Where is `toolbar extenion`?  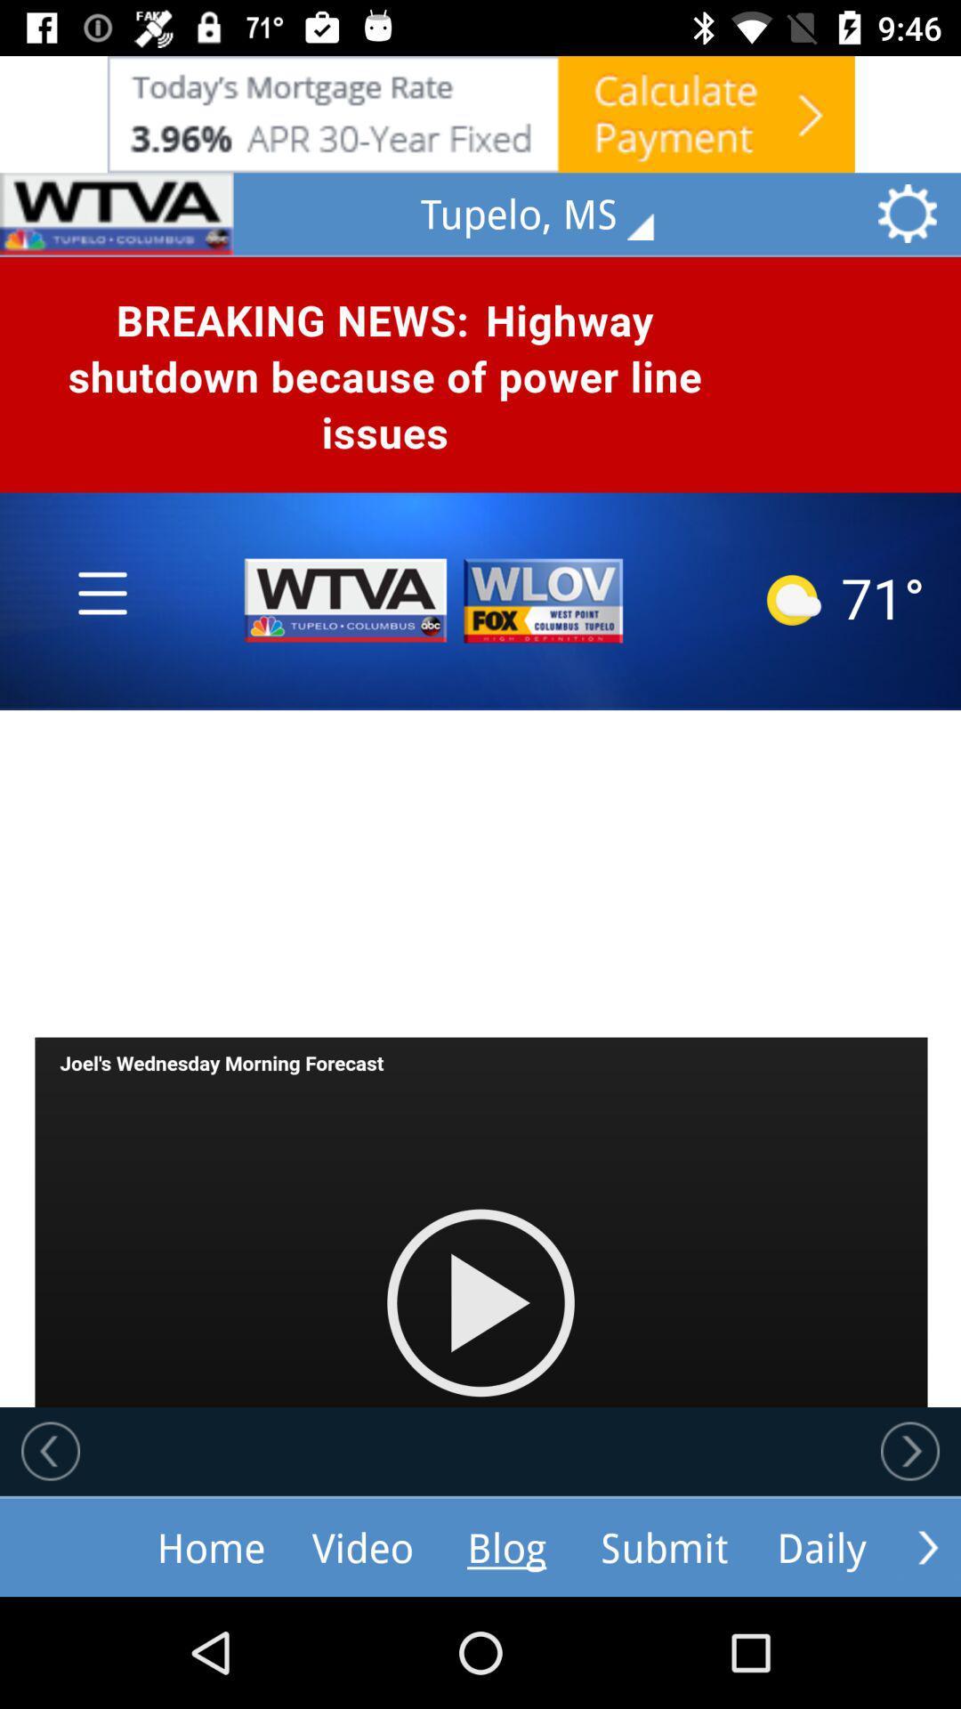 toolbar extenion is located at coordinates (927, 1546).